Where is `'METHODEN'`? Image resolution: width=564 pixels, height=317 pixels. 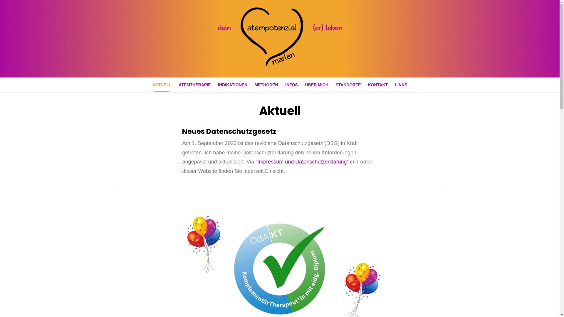 'METHODEN' is located at coordinates (266, 85).